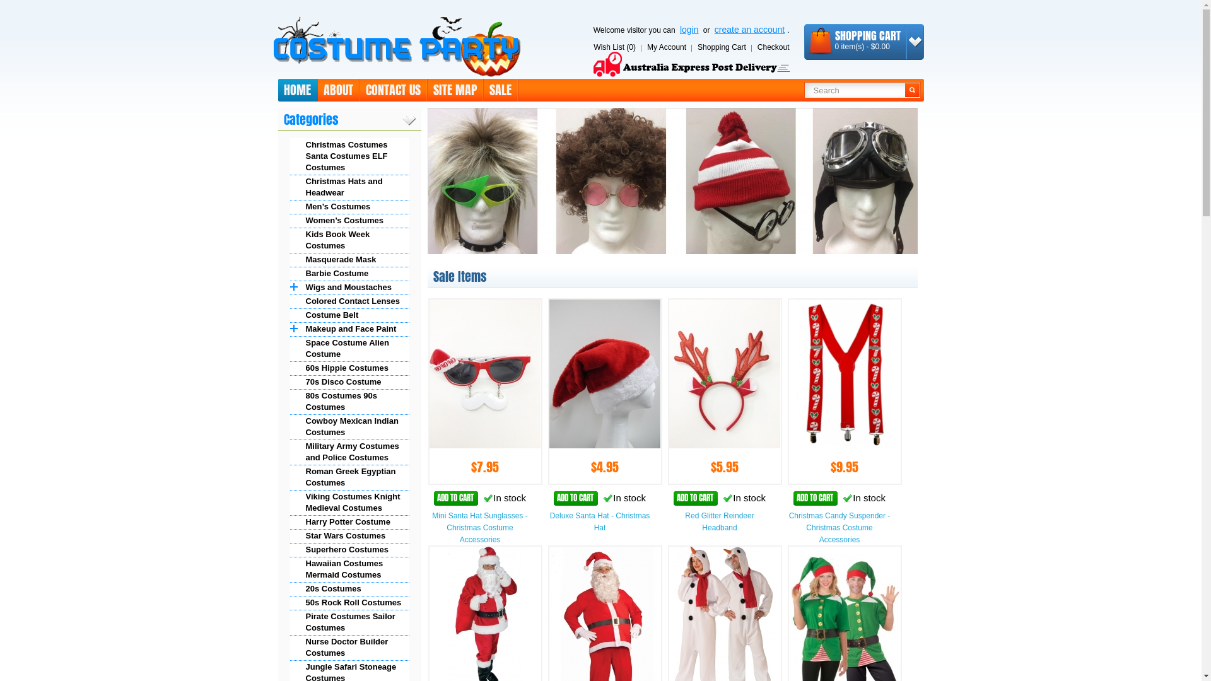  Describe the element at coordinates (349, 155) in the screenshot. I see `'Christmas Costumes Santa Costumes ELF Costumes'` at that location.